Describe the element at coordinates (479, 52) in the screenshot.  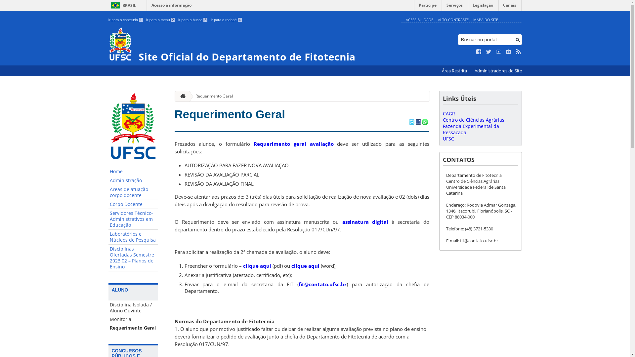
I see `'Curta no Facebook'` at that location.